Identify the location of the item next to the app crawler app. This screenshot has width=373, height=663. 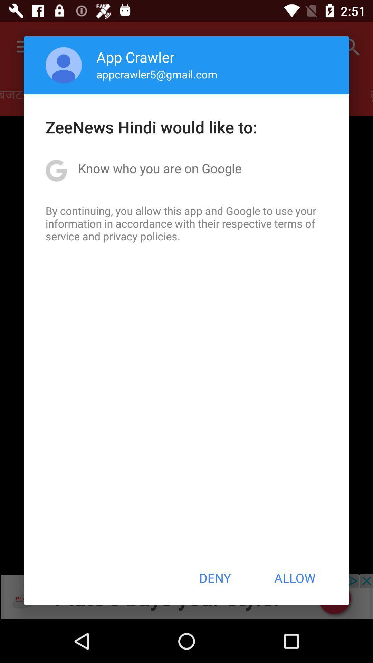
(64, 65).